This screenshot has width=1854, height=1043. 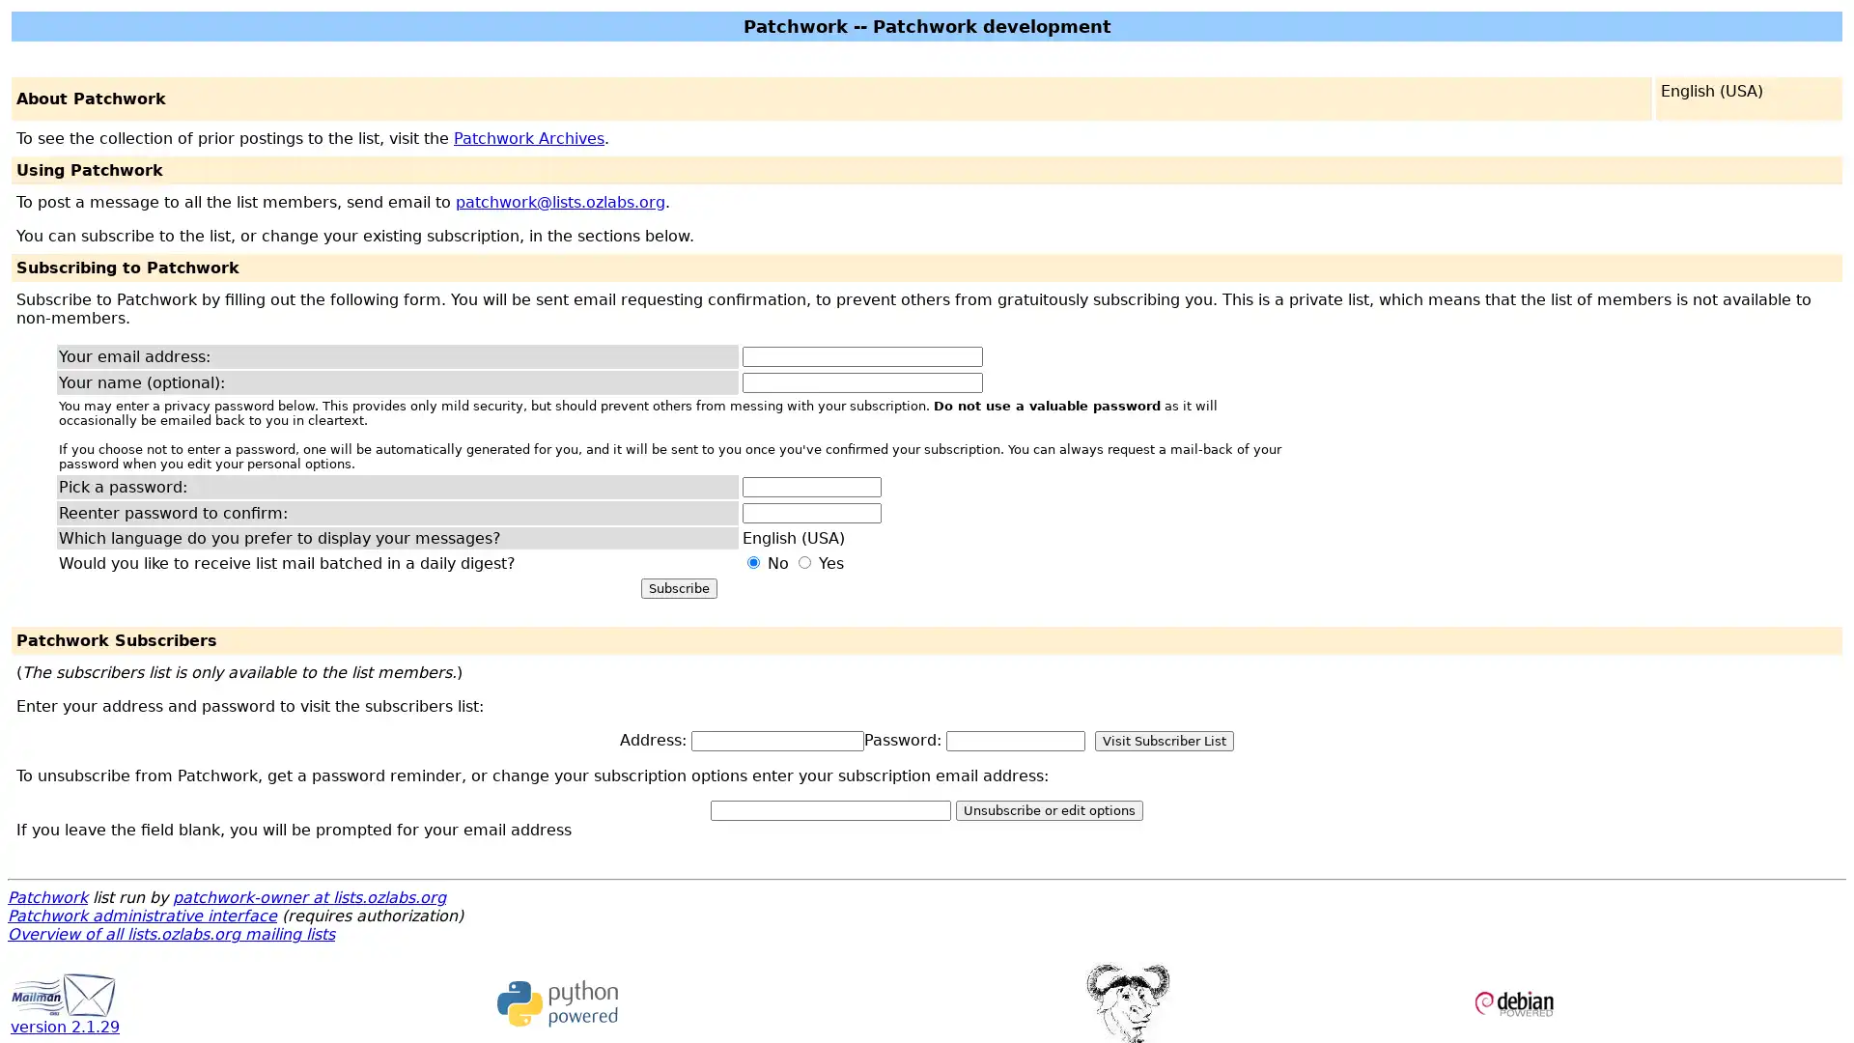 What do you see at coordinates (1163, 740) in the screenshot?
I see `Visit Subscriber List` at bounding box center [1163, 740].